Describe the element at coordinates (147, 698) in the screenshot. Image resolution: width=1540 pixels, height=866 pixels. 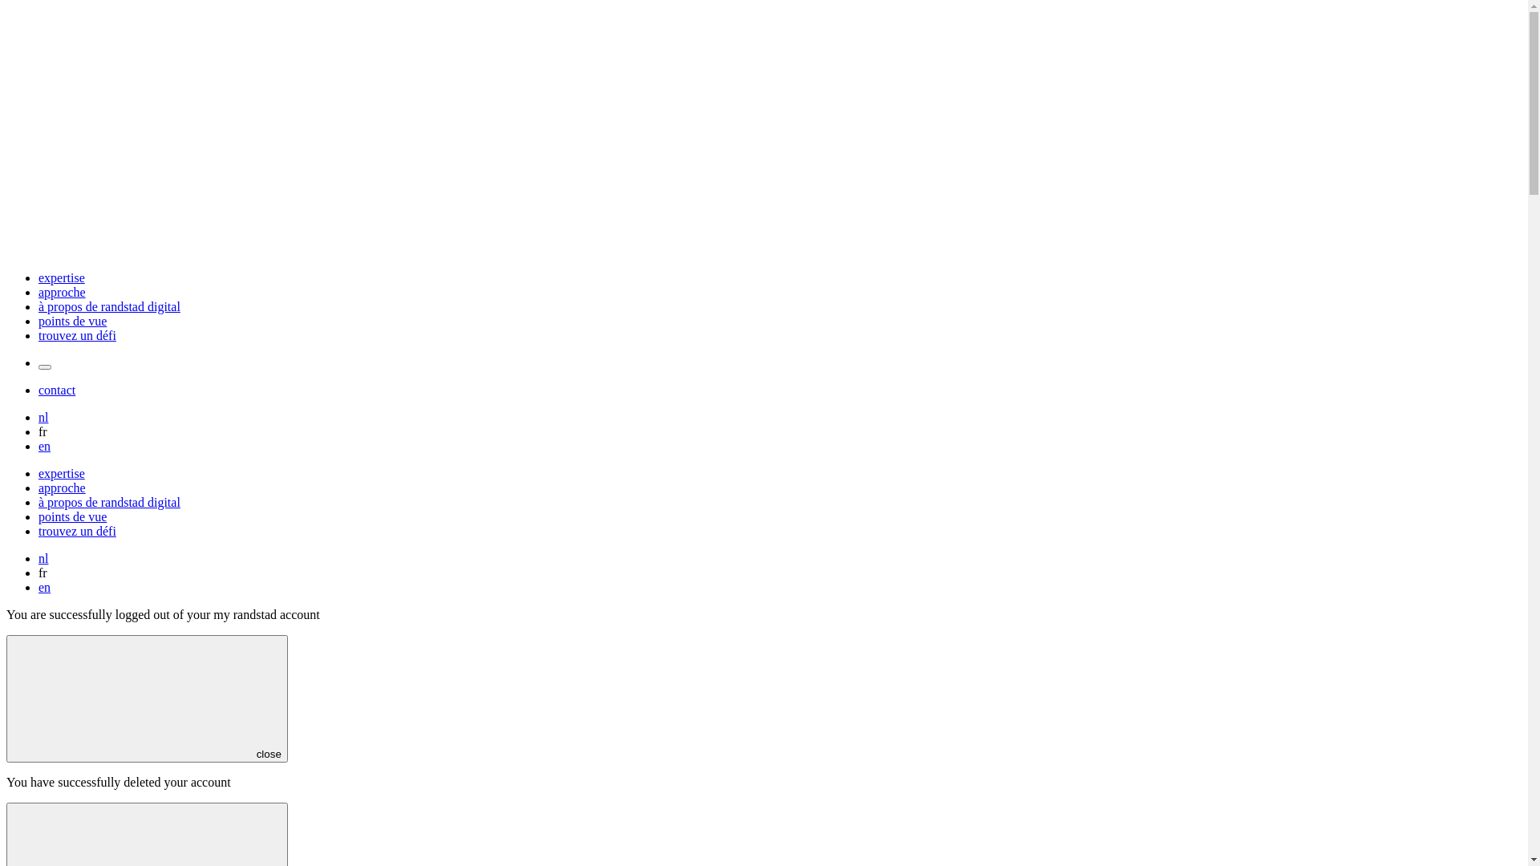
I see `'close'` at that location.